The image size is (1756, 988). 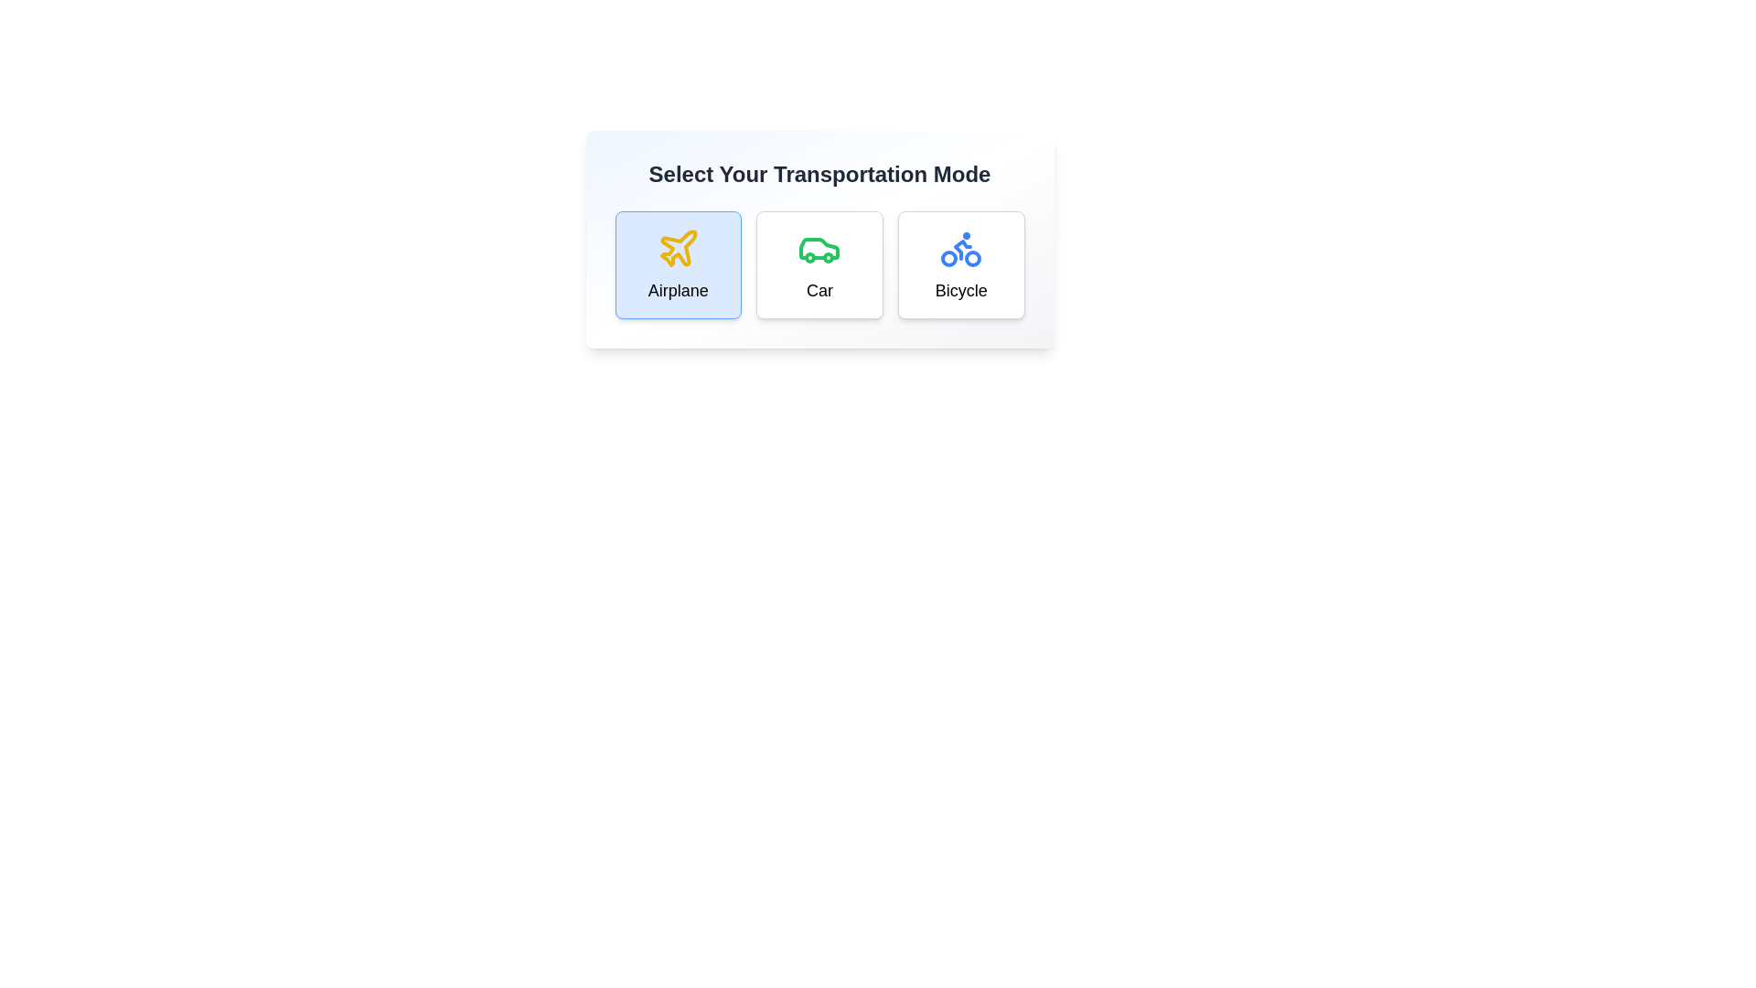 I want to click on the interactive card element labeled 'Bicycle', so click(x=960, y=264).